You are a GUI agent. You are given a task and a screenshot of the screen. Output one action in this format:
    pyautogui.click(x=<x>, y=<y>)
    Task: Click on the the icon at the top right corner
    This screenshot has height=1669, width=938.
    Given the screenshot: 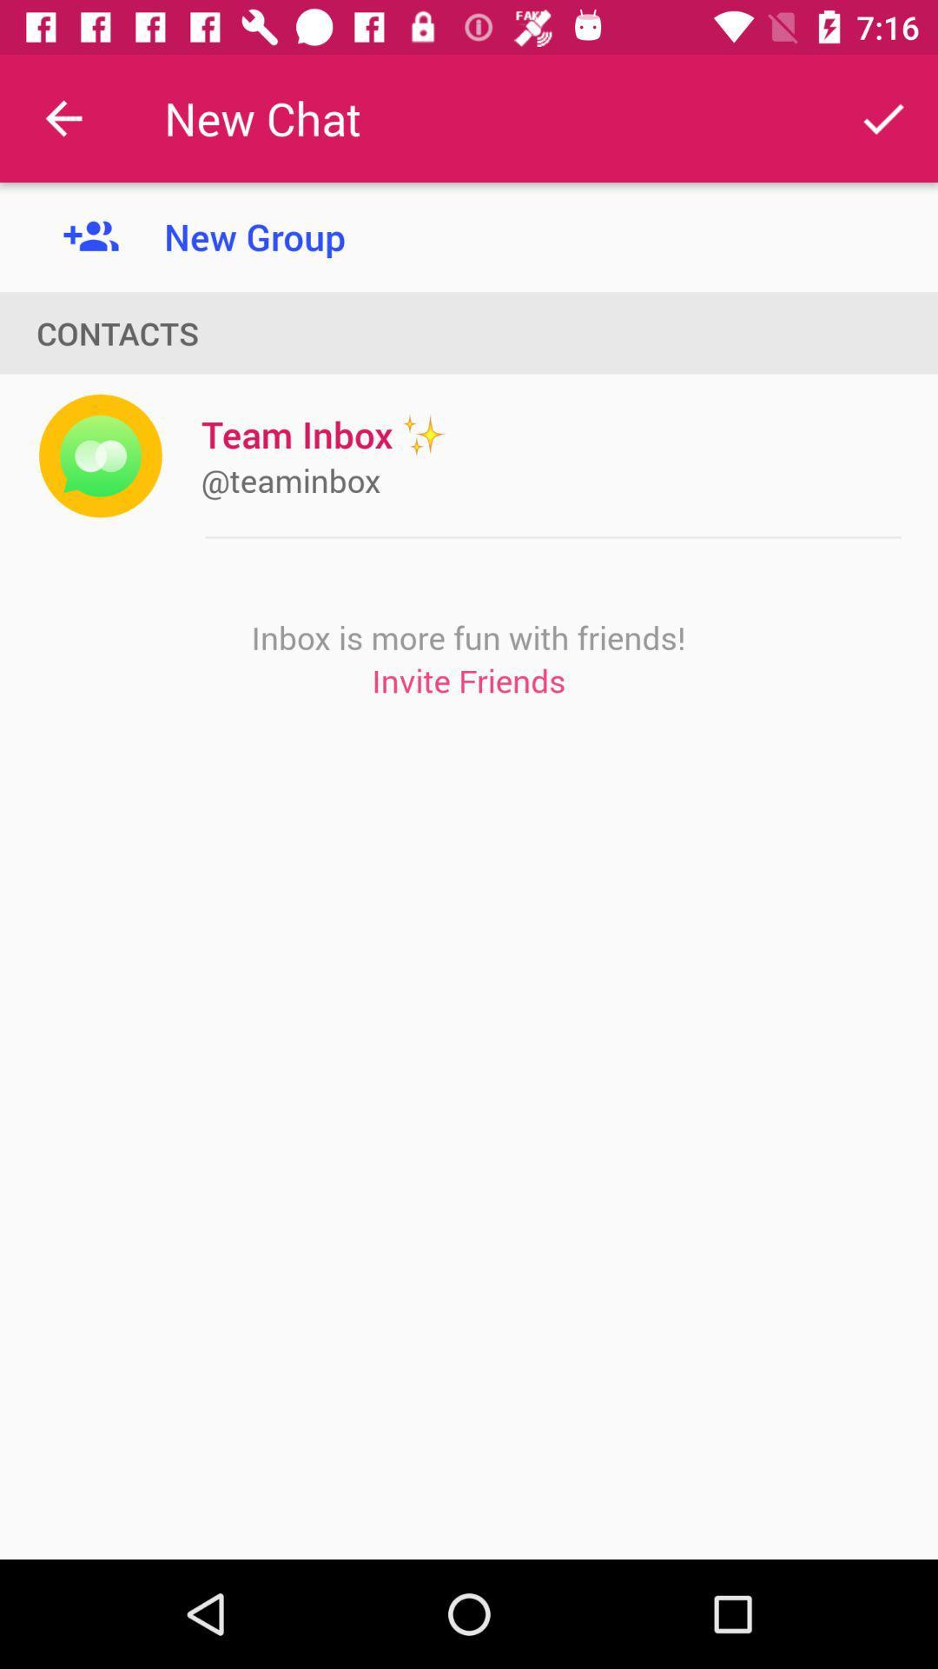 What is the action you would take?
    pyautogui.click(x=883, y=117)
    